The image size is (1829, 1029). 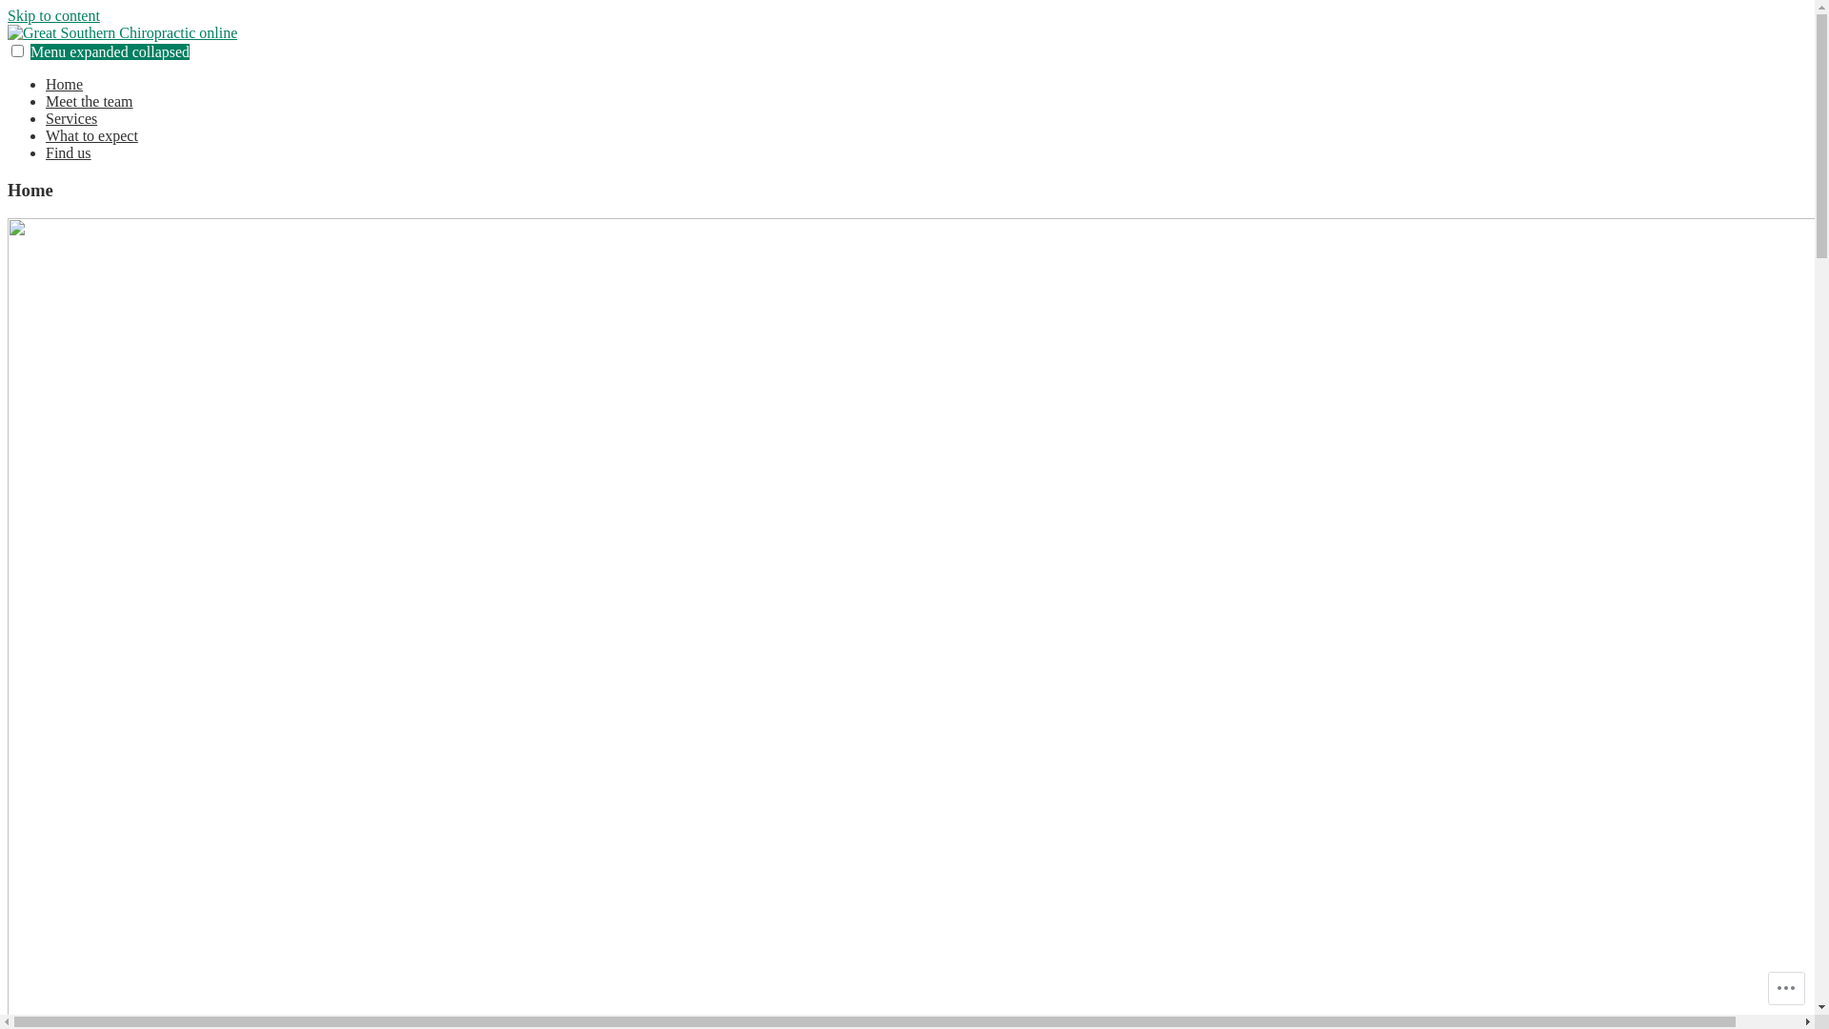 I want to click on 'Find us', so click(x=69, y=151).